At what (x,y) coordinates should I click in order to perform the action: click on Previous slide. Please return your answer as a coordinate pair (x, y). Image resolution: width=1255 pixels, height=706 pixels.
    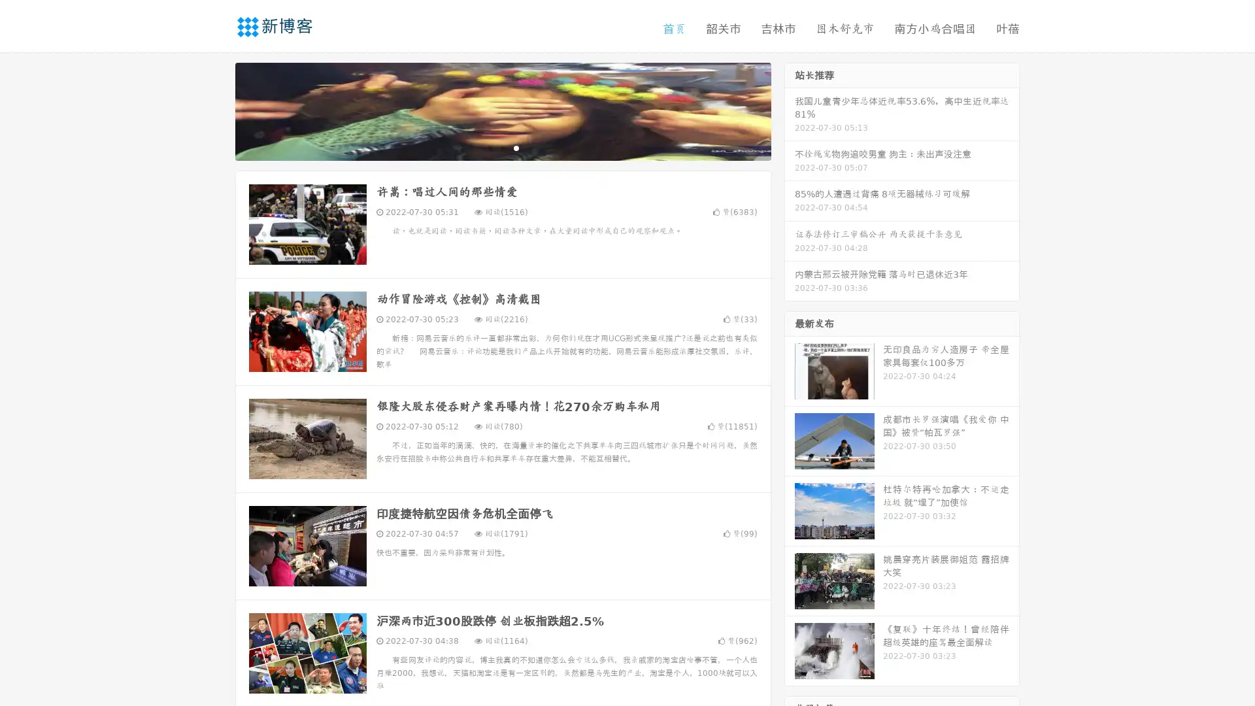
    Looking at the image, I should click on (216, 110).